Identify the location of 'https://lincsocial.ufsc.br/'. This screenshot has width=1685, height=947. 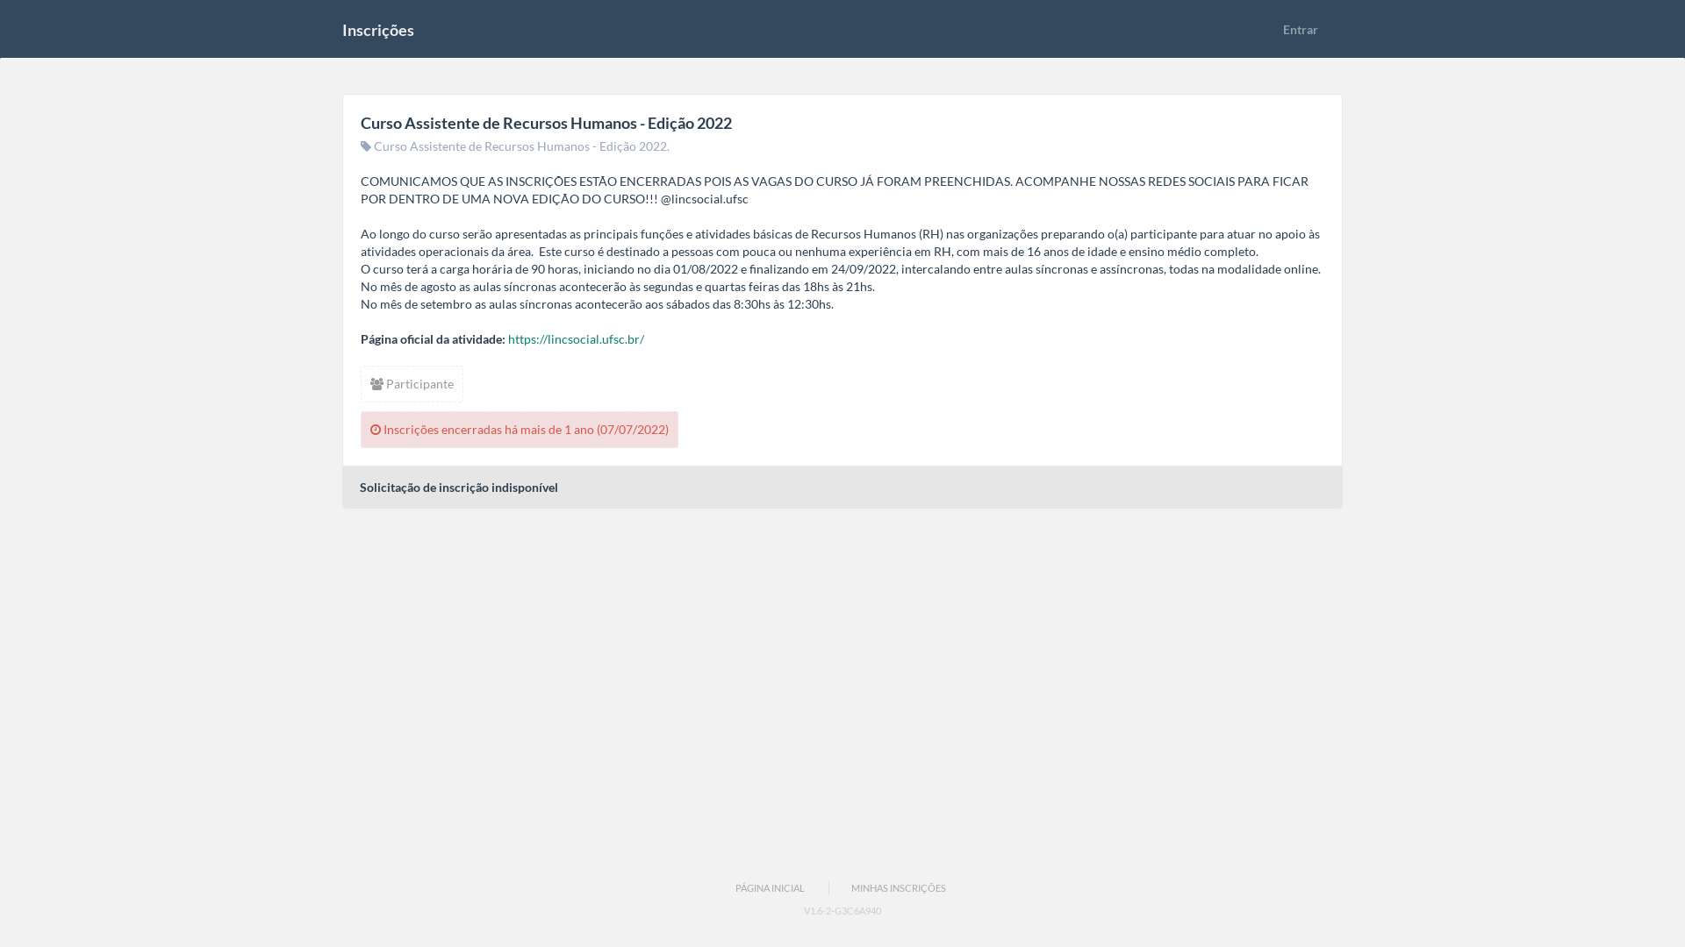
(576, 338).